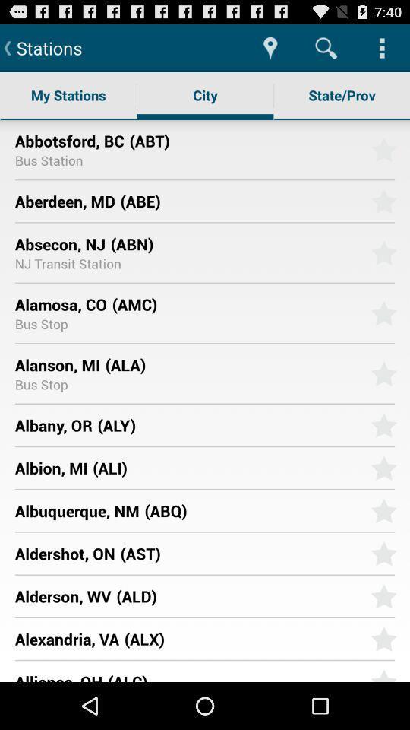 This screenshot has width=410, height=730. I want to click on the (abq), so click(252, 510).